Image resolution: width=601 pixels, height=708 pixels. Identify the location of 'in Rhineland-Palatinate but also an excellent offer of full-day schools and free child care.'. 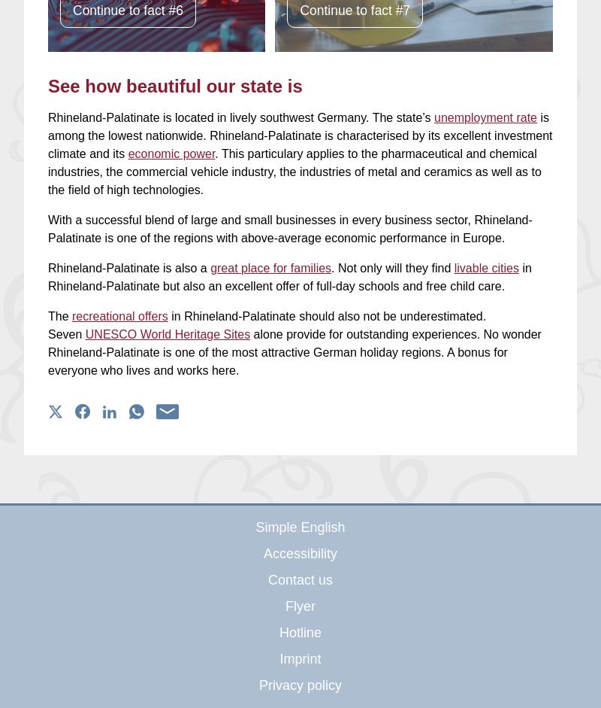
(288, 277).